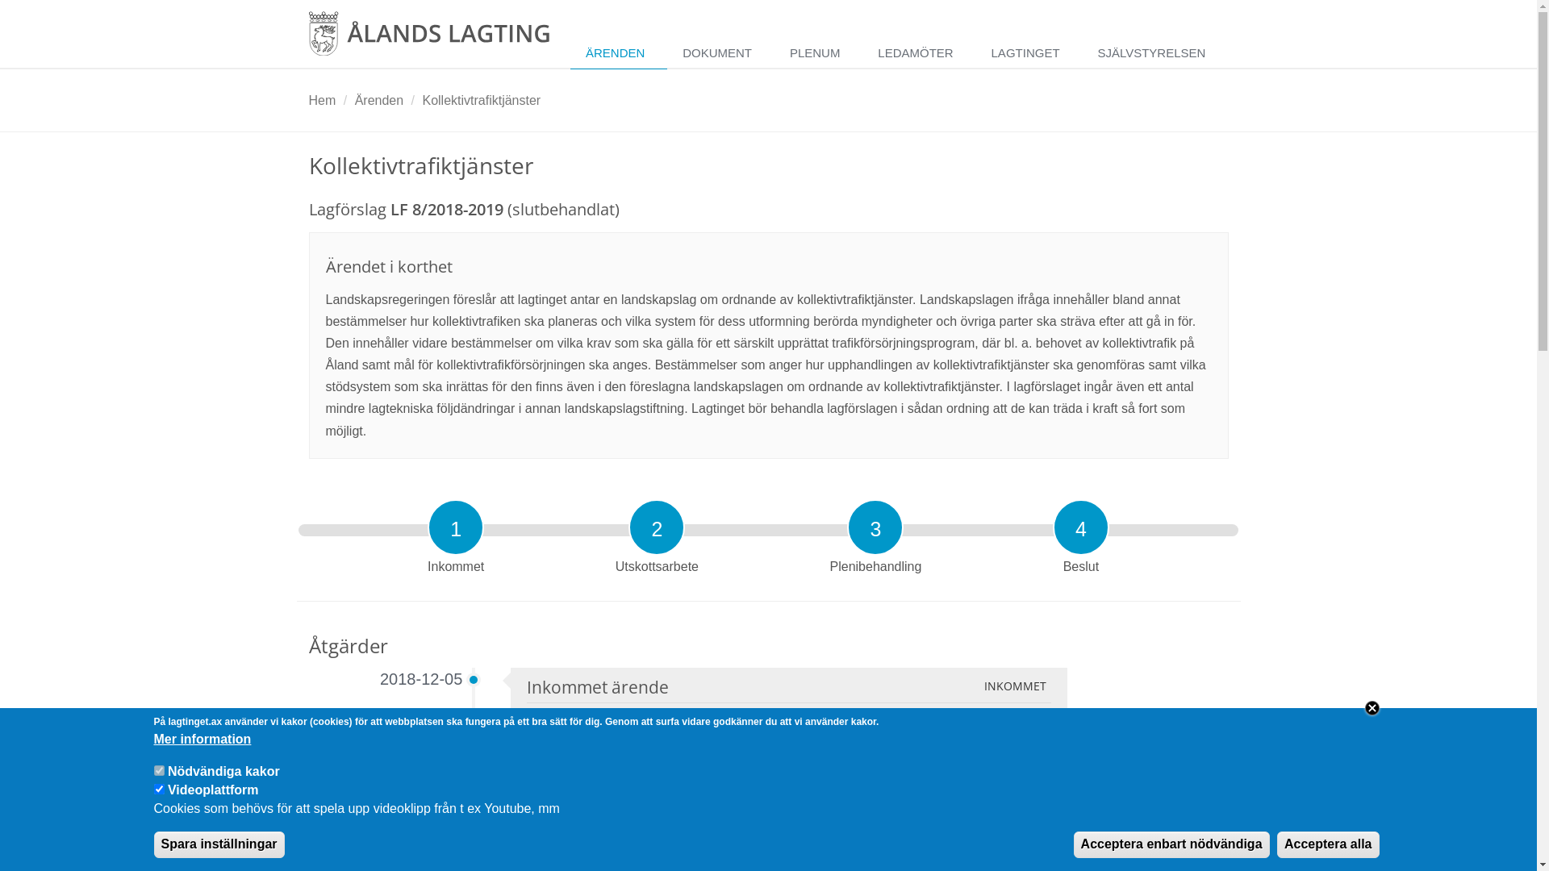 This screenshot has height=871, width=1549. Describe the element at coordinates (1328, 844) in the screenshot. I see `'Acceptera alla'` at that location.